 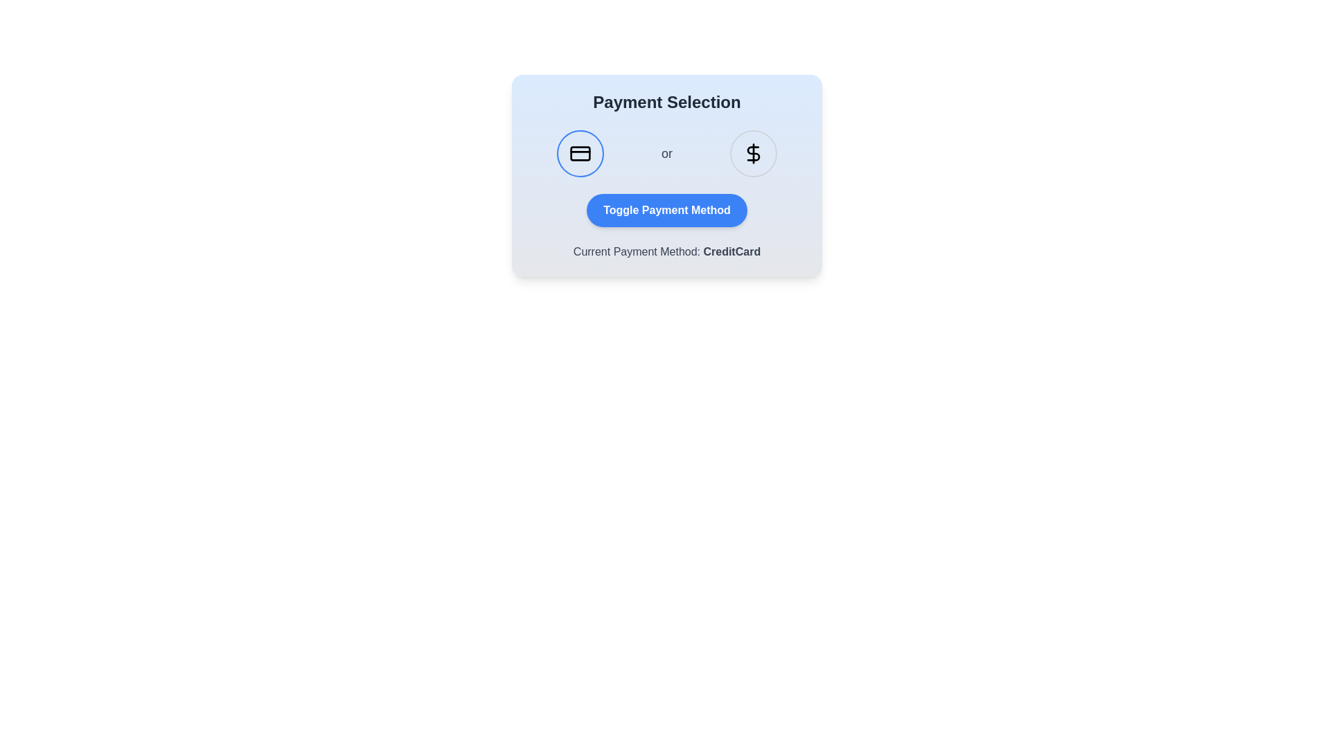 What do you see at coordinates (731, 251) in the screenshot?
I see `the 'CreditCard' text label, which is styled in bold and dark gray, indicating the current payment method below the 'Toggle Payment Method' button` at bounding box center [731, 251].